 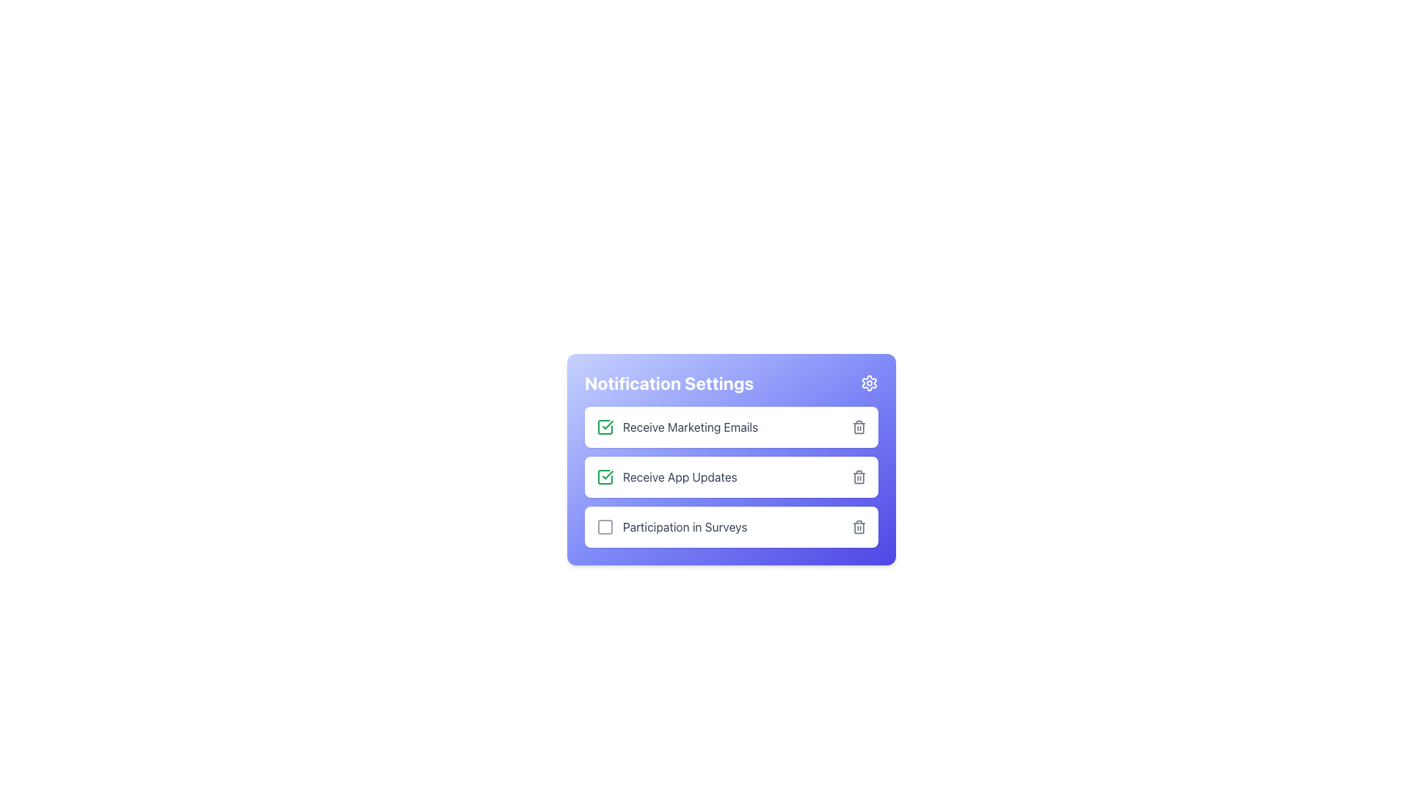 I want to click on the leftmost icon representing the enabled state for the 'Receive Marketing Emails' notification setting, so click(x=605, y=477).